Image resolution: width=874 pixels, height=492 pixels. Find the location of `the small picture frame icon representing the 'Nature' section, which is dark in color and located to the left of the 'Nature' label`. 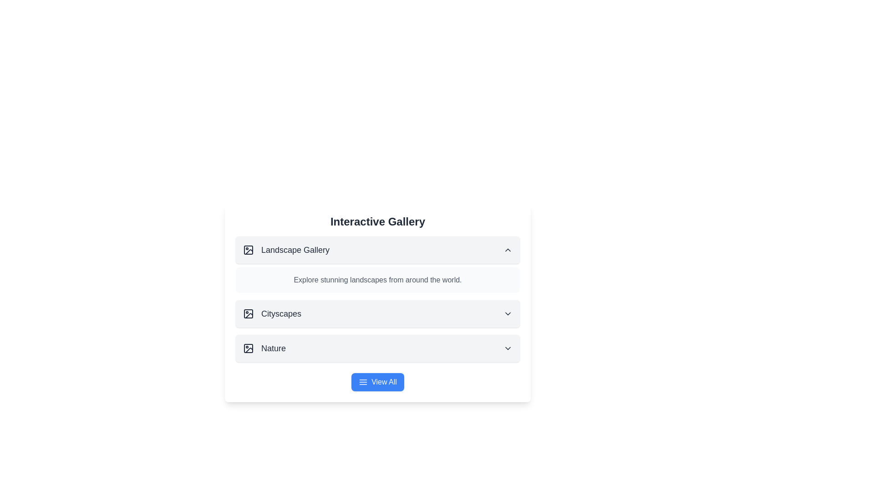

the small picture frame icon representing the 'Nature' section, which is dark in color and located to the left of the 'Nature' label is located at coordinates (249, 348).